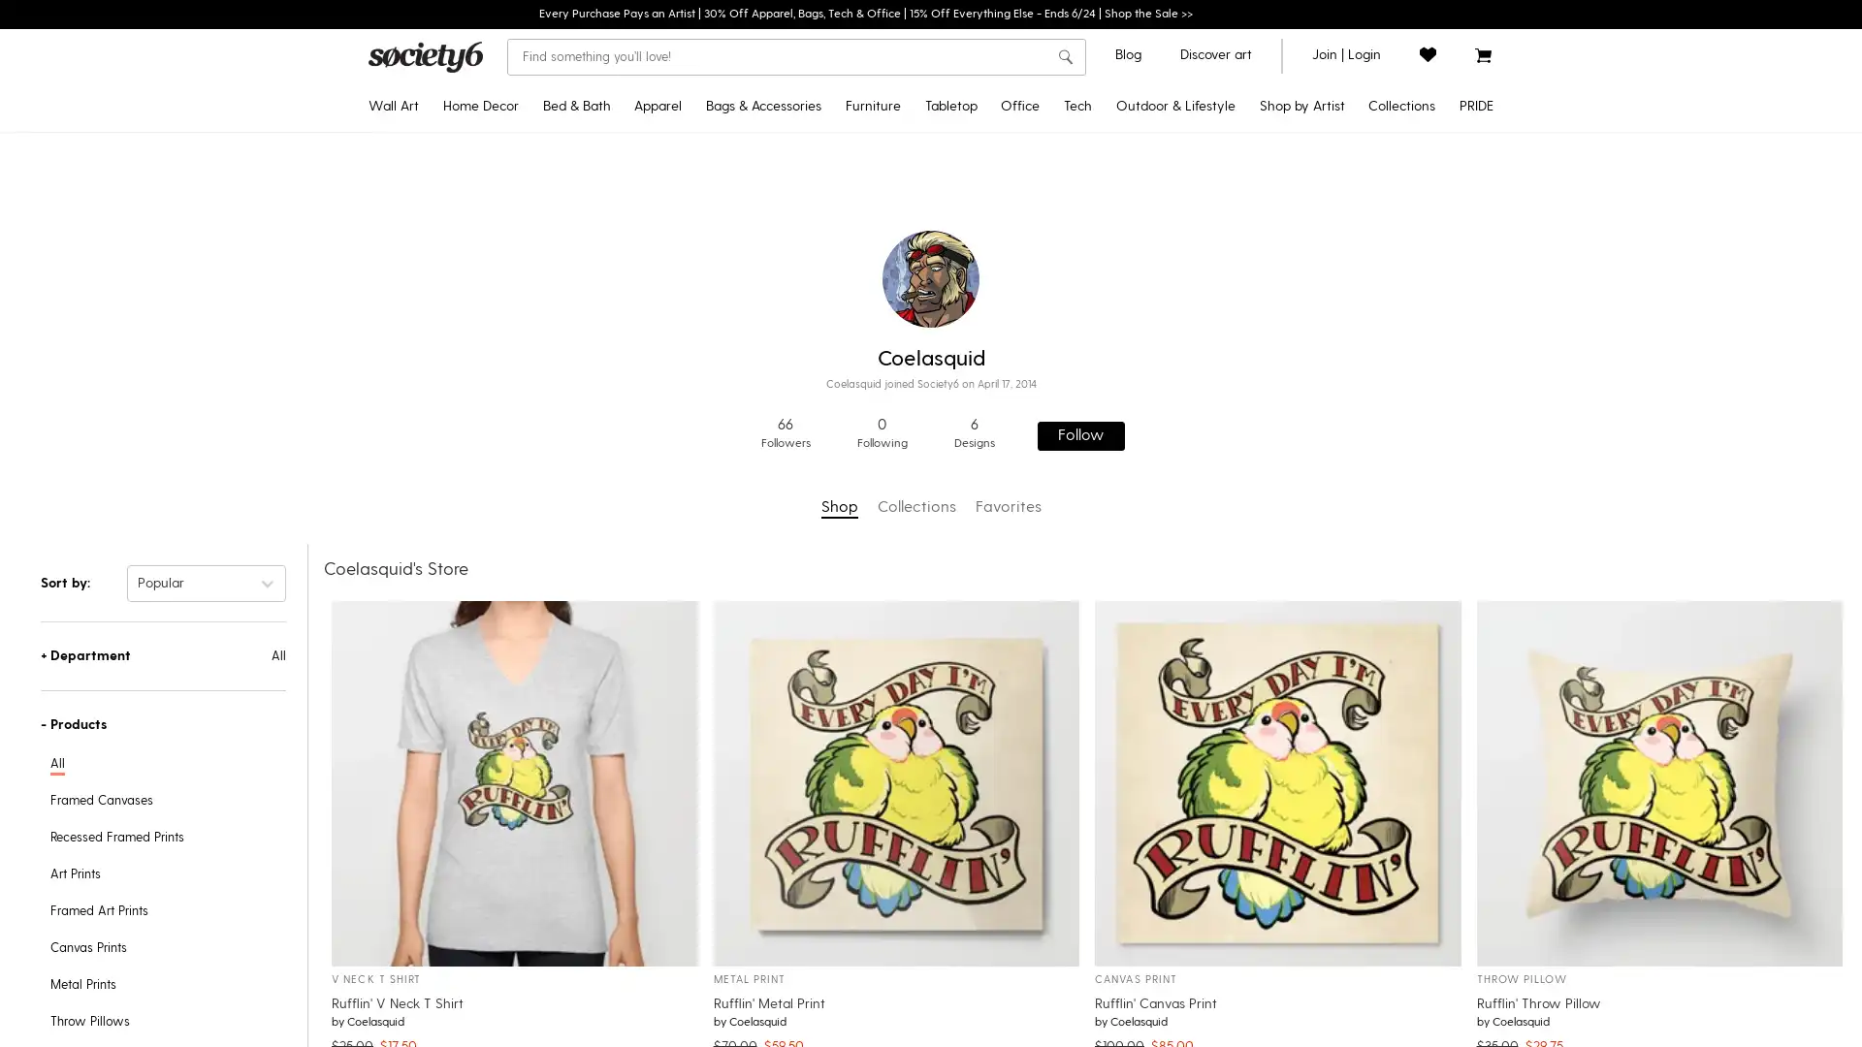 The height and width of the screenshot is (1047, 1862). I want to click on 2022 Home Decor Guide, so click(1330, 218).